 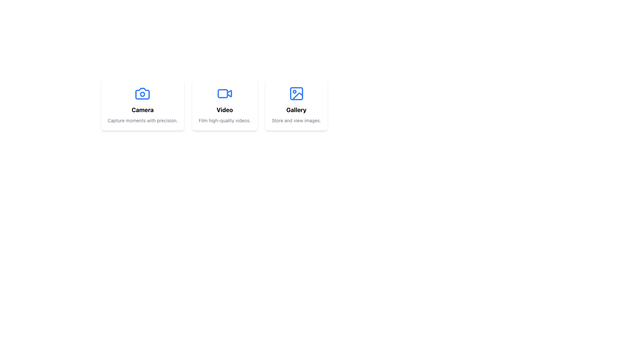 I want to click on the camera-shaped icon located within the blue-colored filled rounded square, which is part of the leftmost action card labeled 'Camera', so click(x=142, y=94).